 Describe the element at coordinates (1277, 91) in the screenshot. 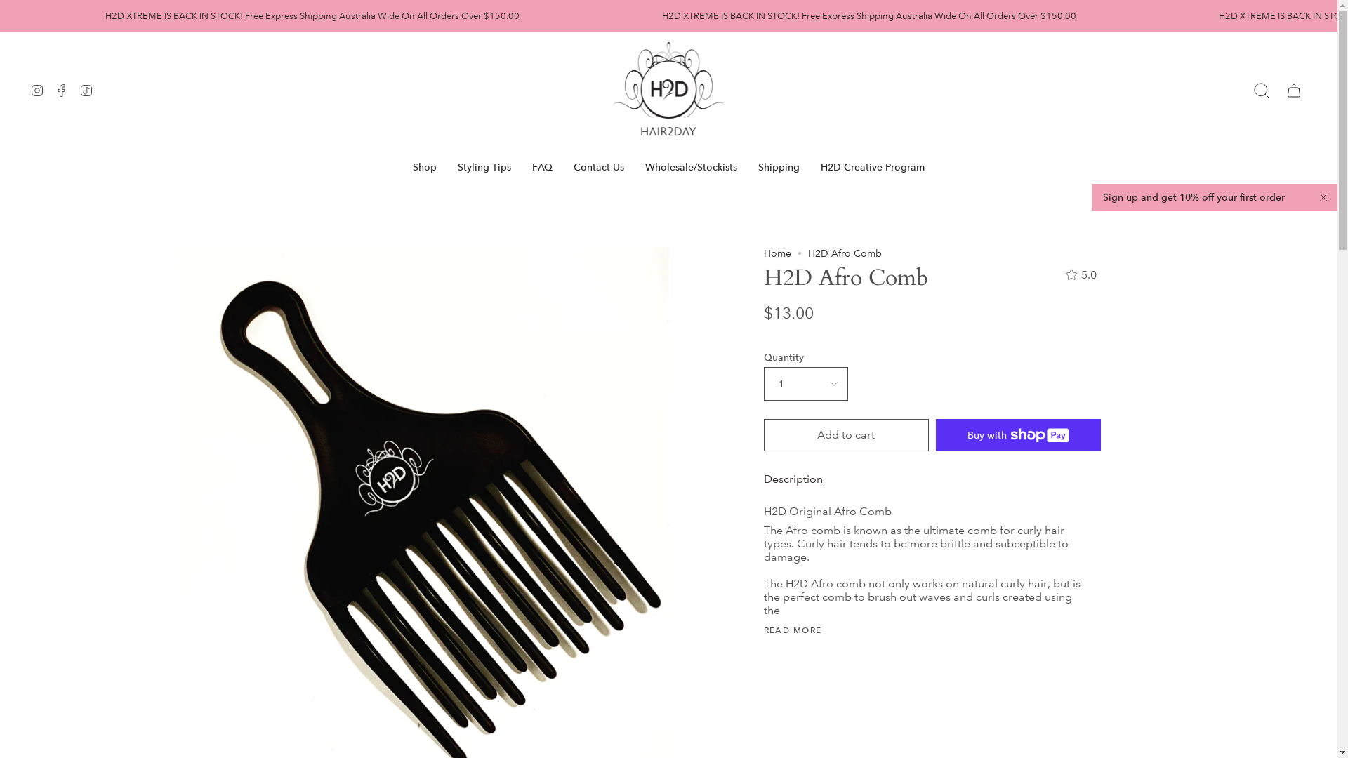

I see `'Cart'` at that location.